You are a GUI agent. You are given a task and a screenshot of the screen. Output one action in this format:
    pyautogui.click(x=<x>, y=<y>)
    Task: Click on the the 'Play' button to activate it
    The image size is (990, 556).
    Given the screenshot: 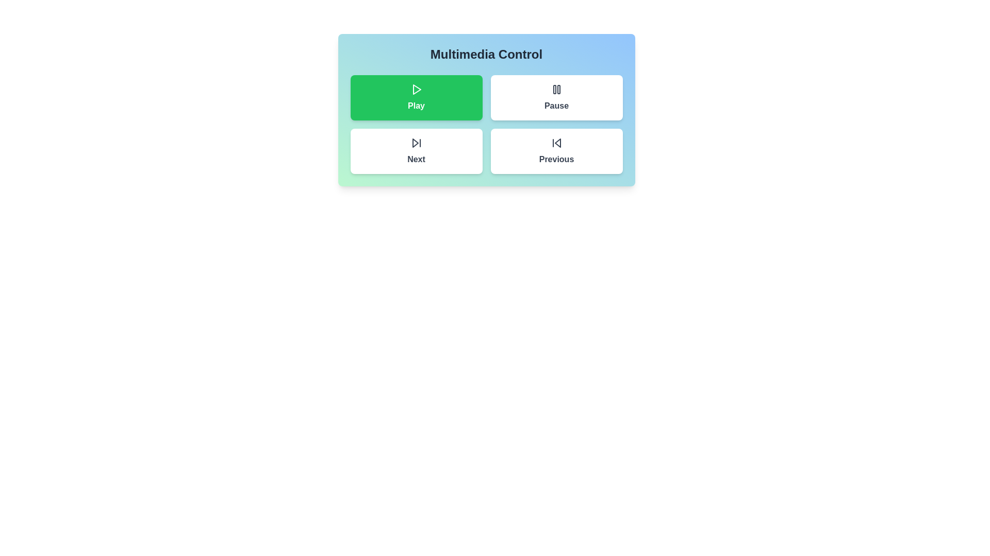 What is the action you would take?
    pyautogui.click(x=416, y=97)
    